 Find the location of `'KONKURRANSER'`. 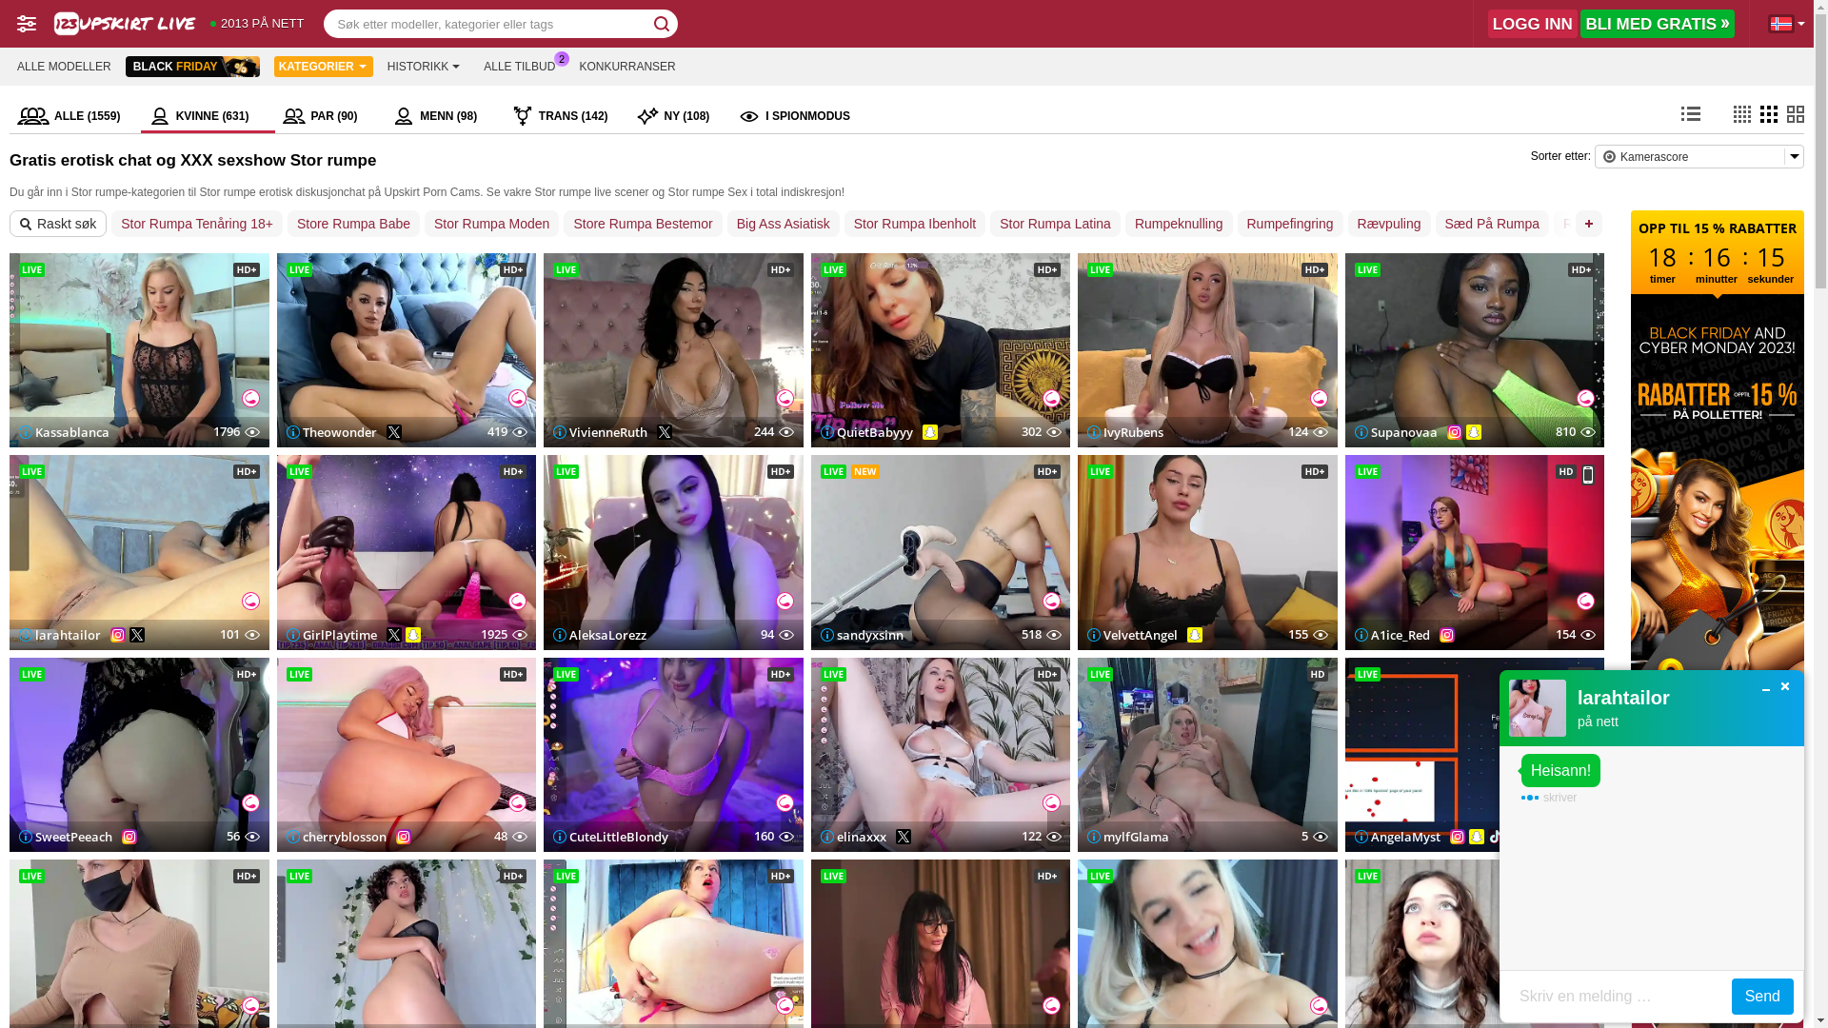

'KONKURRANSER' is located at coordinates (626, 65).